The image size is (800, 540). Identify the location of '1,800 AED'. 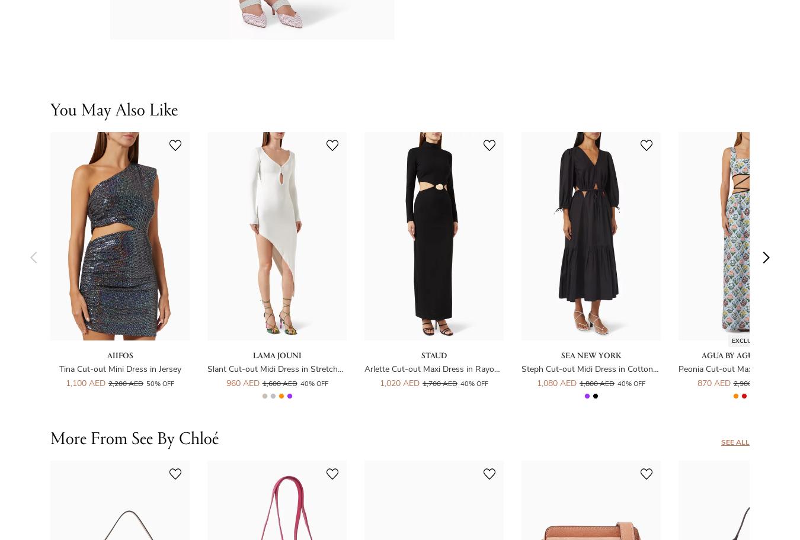
(596, 382).